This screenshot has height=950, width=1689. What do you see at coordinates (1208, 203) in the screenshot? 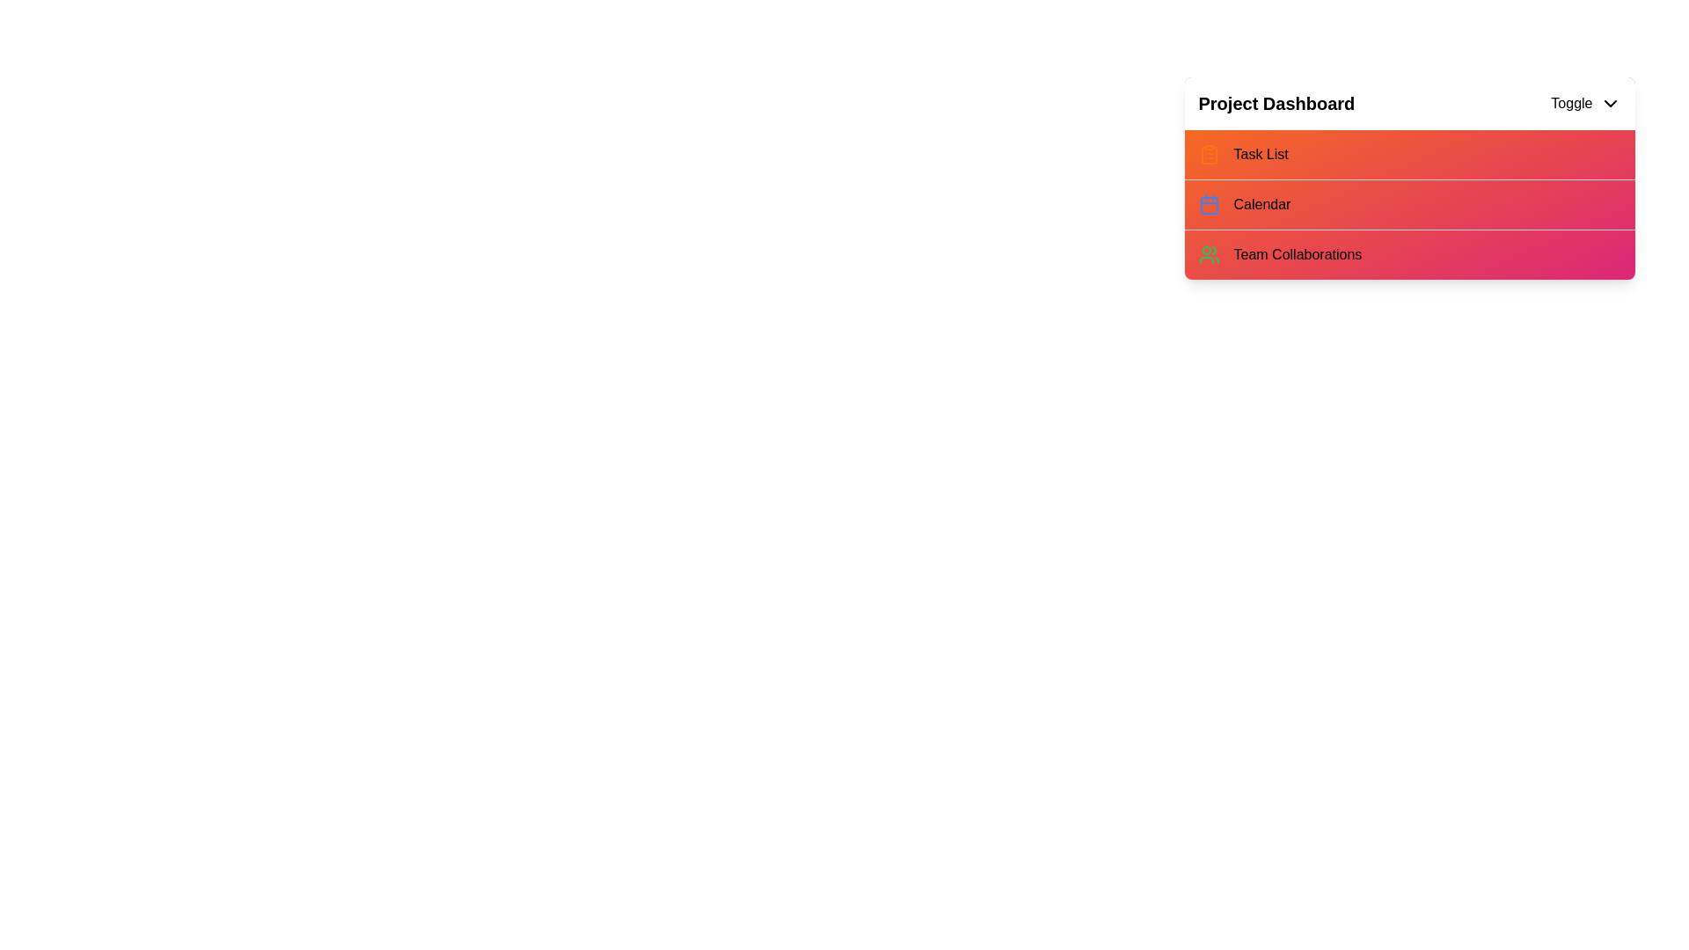
I see `the icon corresponding to Calendar` at bounding box center [1208, 203].